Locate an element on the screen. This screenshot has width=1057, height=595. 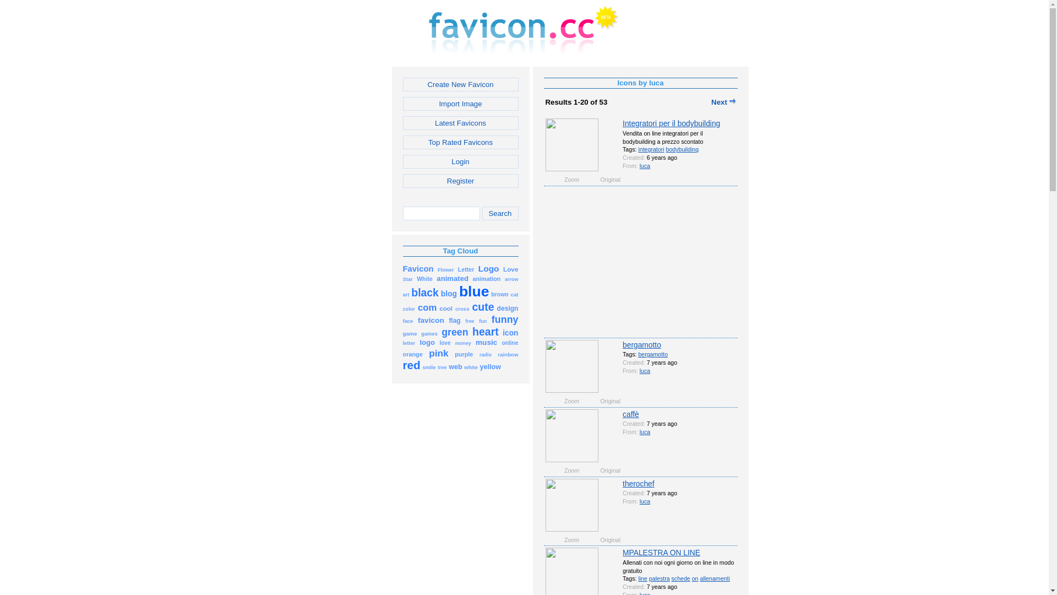
'Logo' is located at coordinates (488, 269).